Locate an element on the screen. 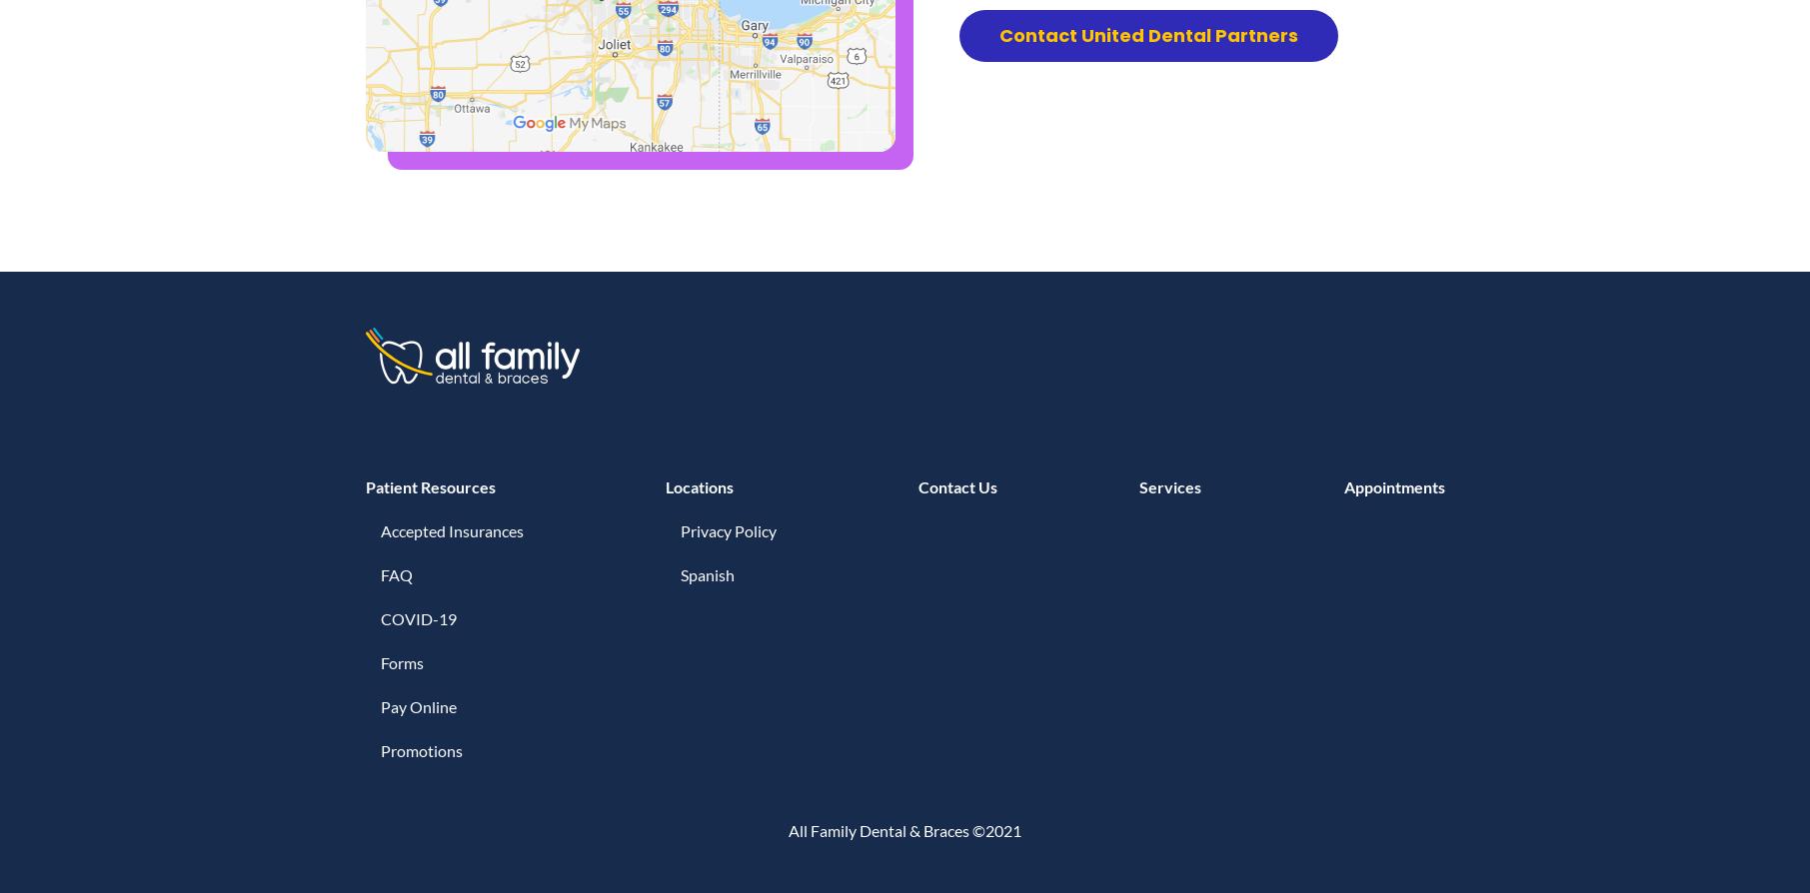 Image resolution: width=1810 pixels, height=893 pixels. 'Contact Us' is located at coordinates (956, 486).